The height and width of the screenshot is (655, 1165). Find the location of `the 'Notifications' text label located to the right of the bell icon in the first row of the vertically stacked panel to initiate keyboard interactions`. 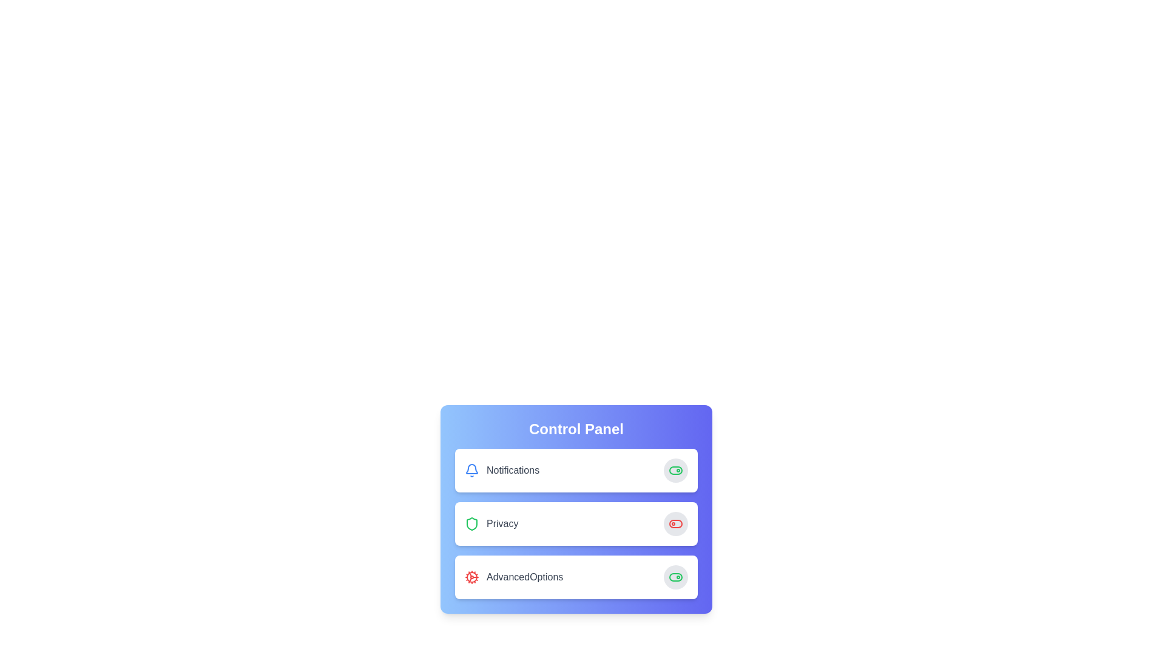

the 'Notifications' text label located to the right of the bell icon in the first row of the vertically stacked panel to initiate keyboard interactions is located at coordinates (513, 469).